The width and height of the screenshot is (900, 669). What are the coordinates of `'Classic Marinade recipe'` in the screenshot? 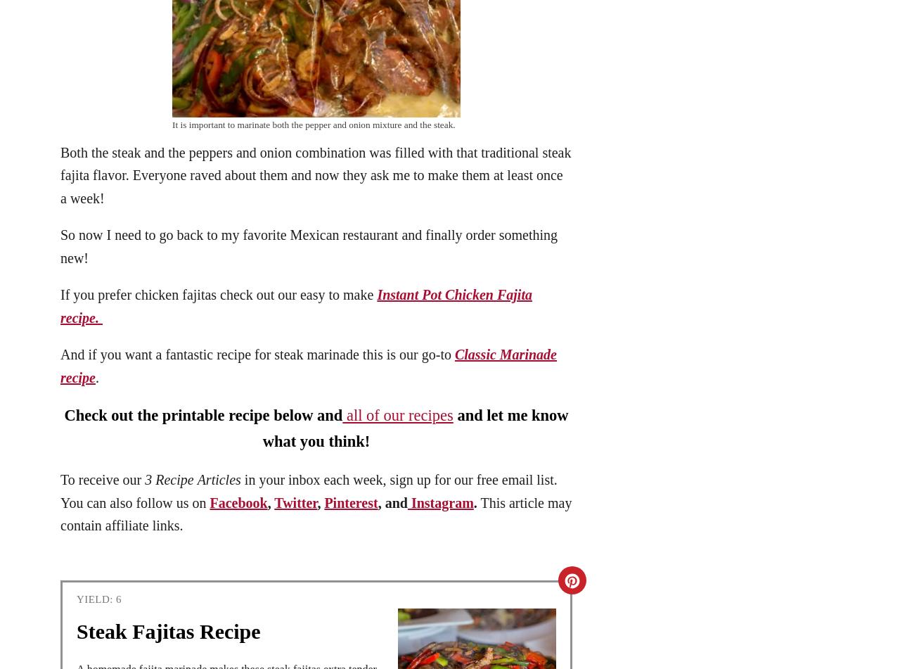 It's located at (307, 365).